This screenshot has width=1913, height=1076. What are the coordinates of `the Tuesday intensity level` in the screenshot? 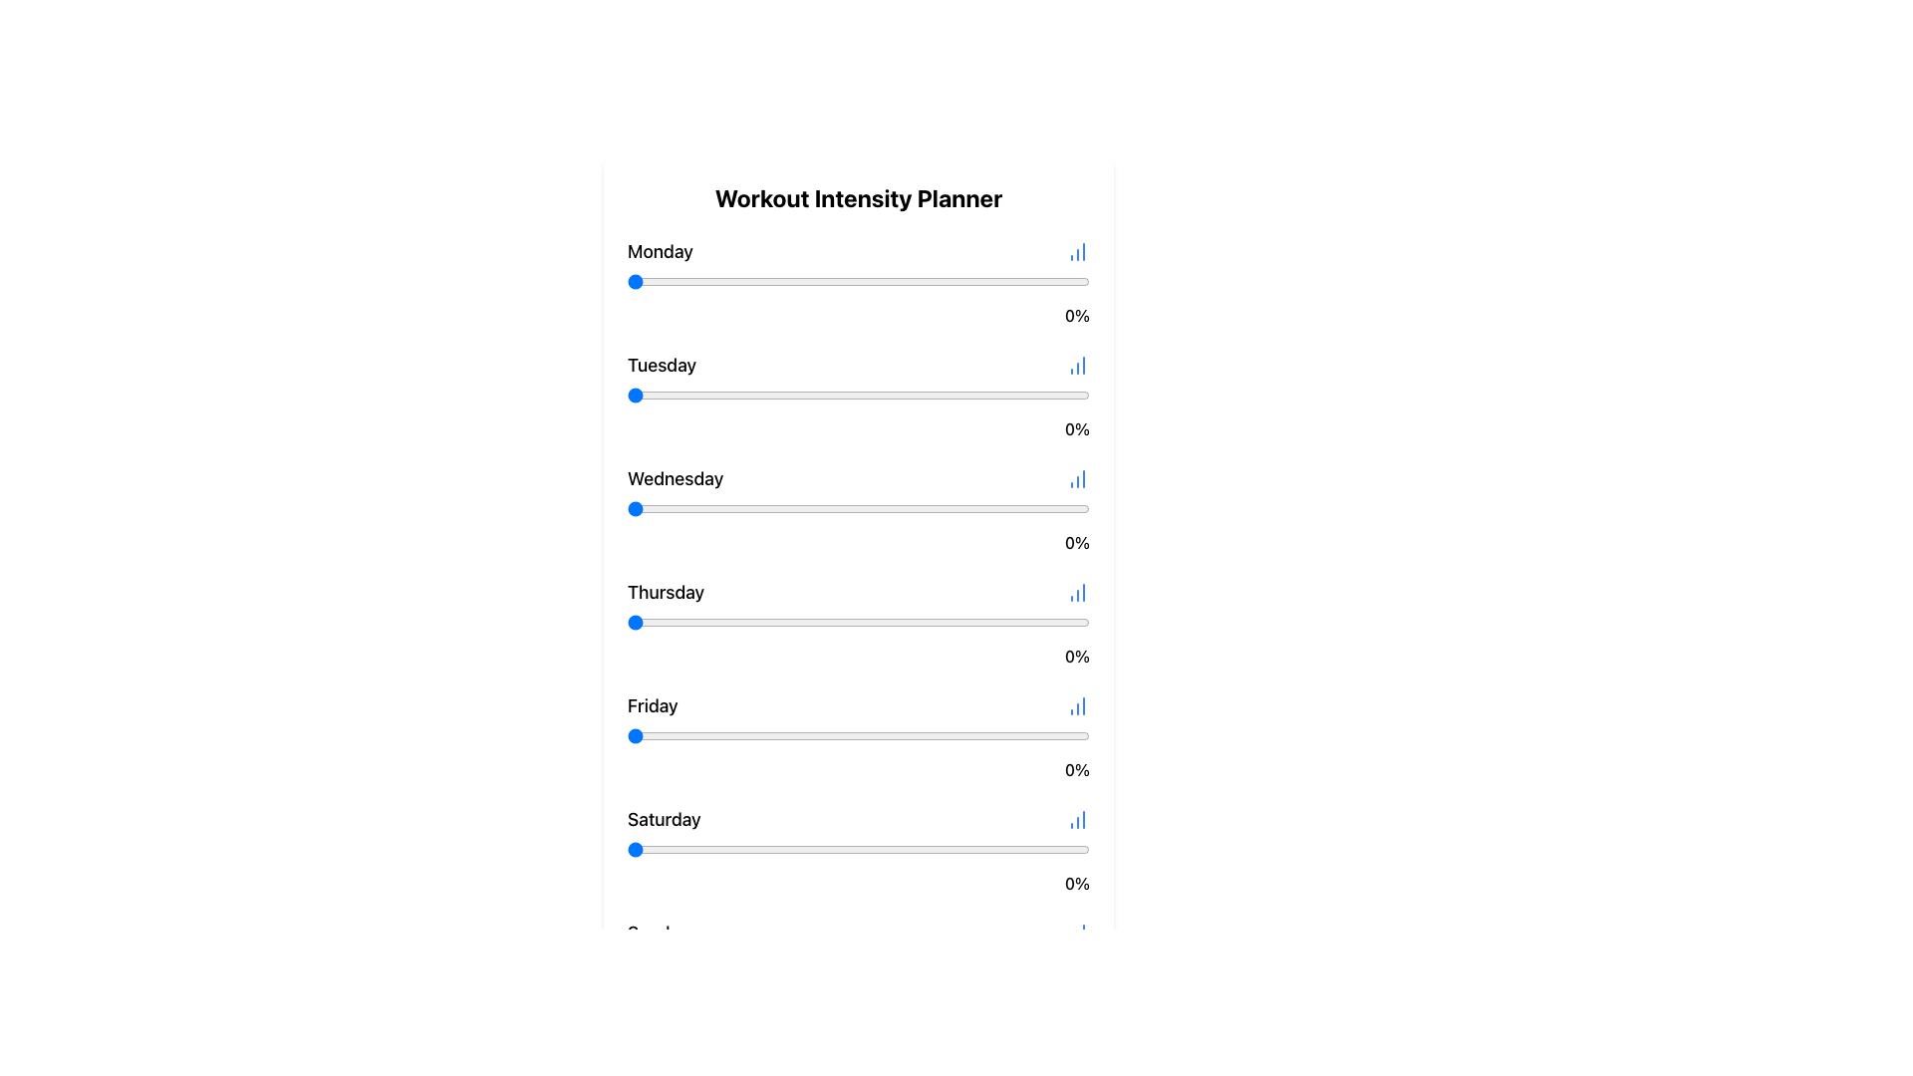 It's located at (746, 396).